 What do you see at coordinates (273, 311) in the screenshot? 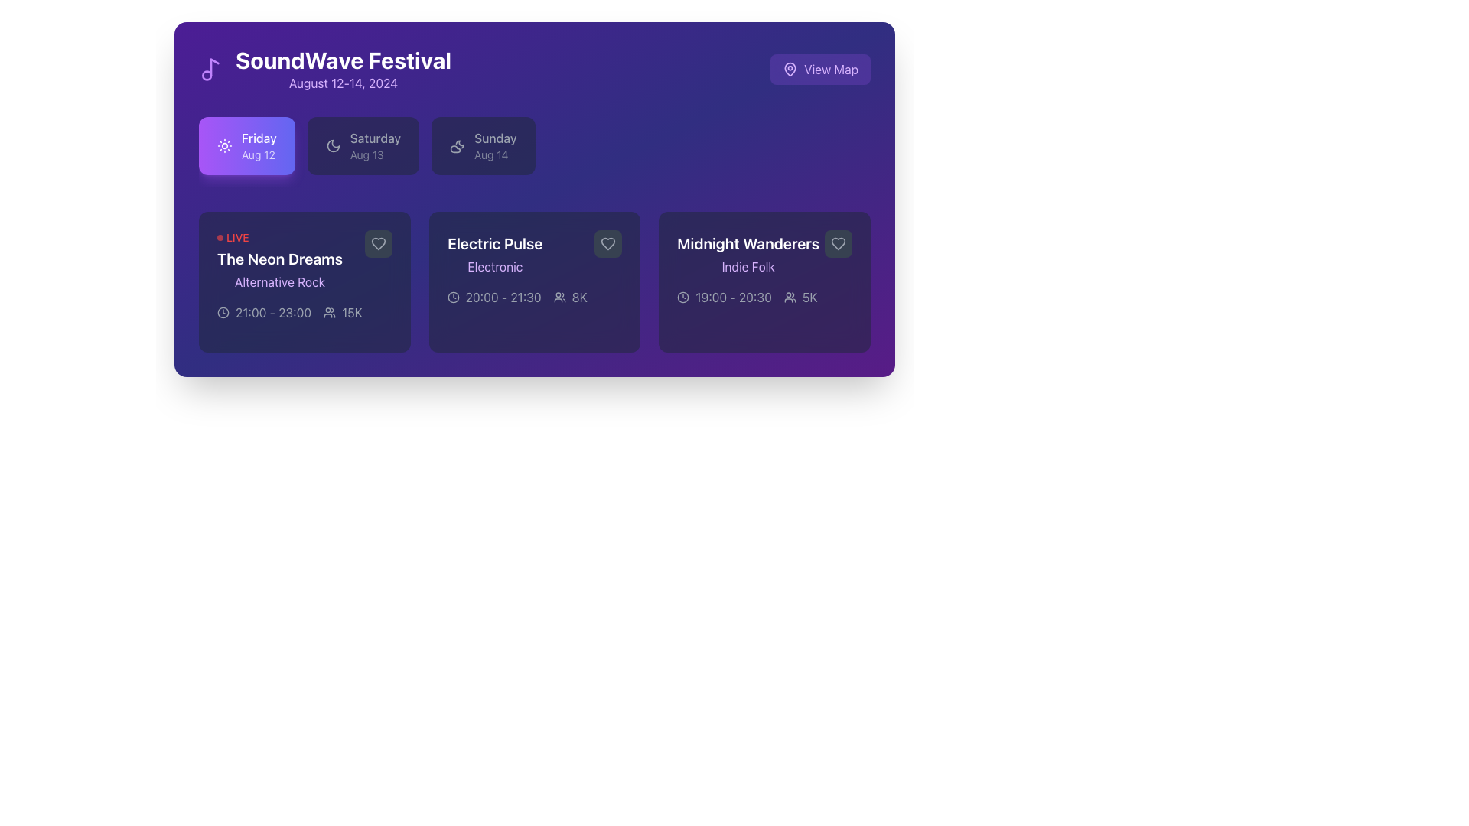
I see `the Text label displaying the scheduled time range for the event 'The Neon Dreams', located below the event title and genre, next to the clock icon` at bounding box center [273, 311].